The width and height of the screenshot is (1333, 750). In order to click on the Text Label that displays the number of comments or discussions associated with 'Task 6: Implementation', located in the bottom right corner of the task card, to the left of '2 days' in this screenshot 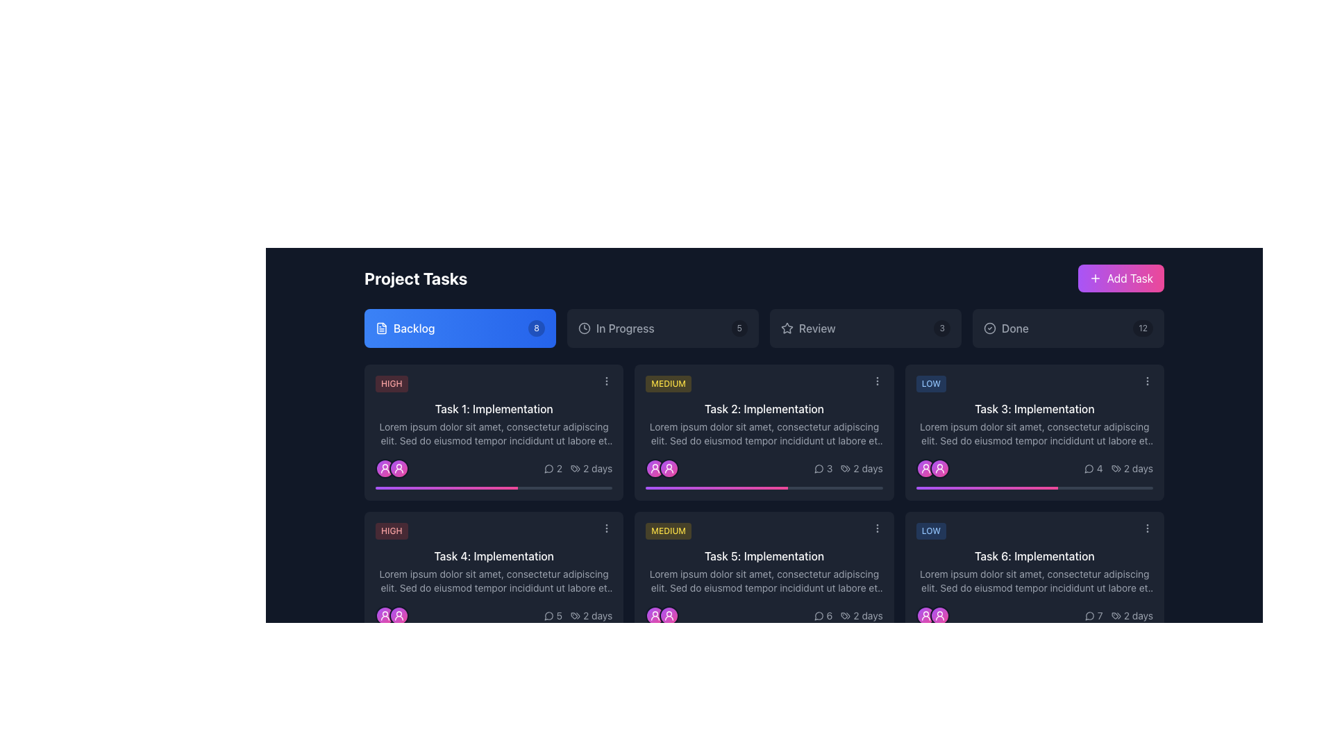, I will do `click(1093, 615)`.